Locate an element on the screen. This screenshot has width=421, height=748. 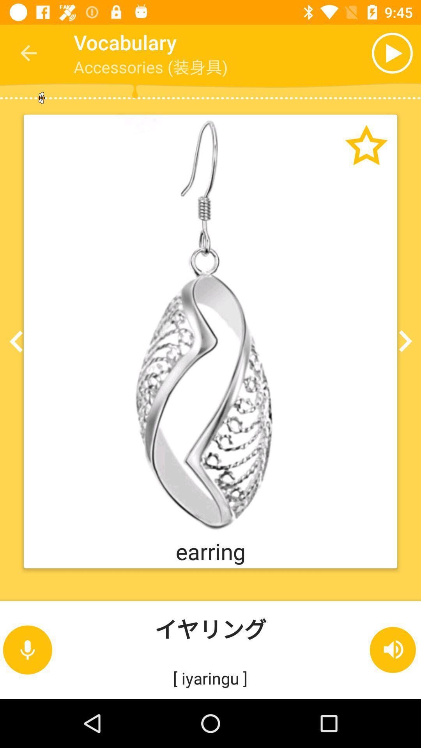
the volume icon is located at coordinates (393, 650).